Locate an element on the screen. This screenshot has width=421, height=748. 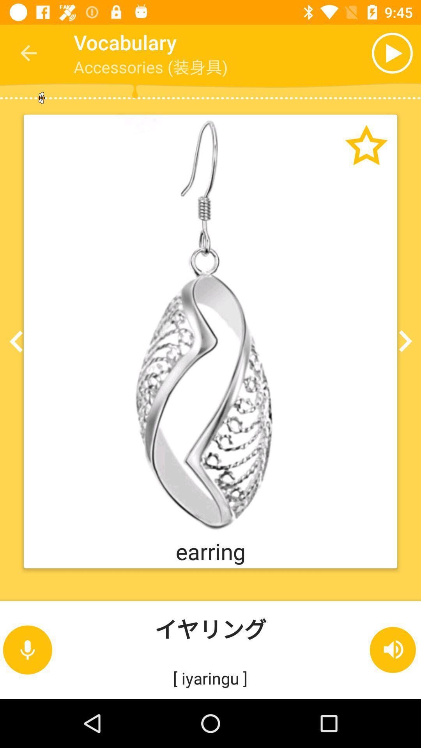
the volume icon is located at coordinates (393, 650).